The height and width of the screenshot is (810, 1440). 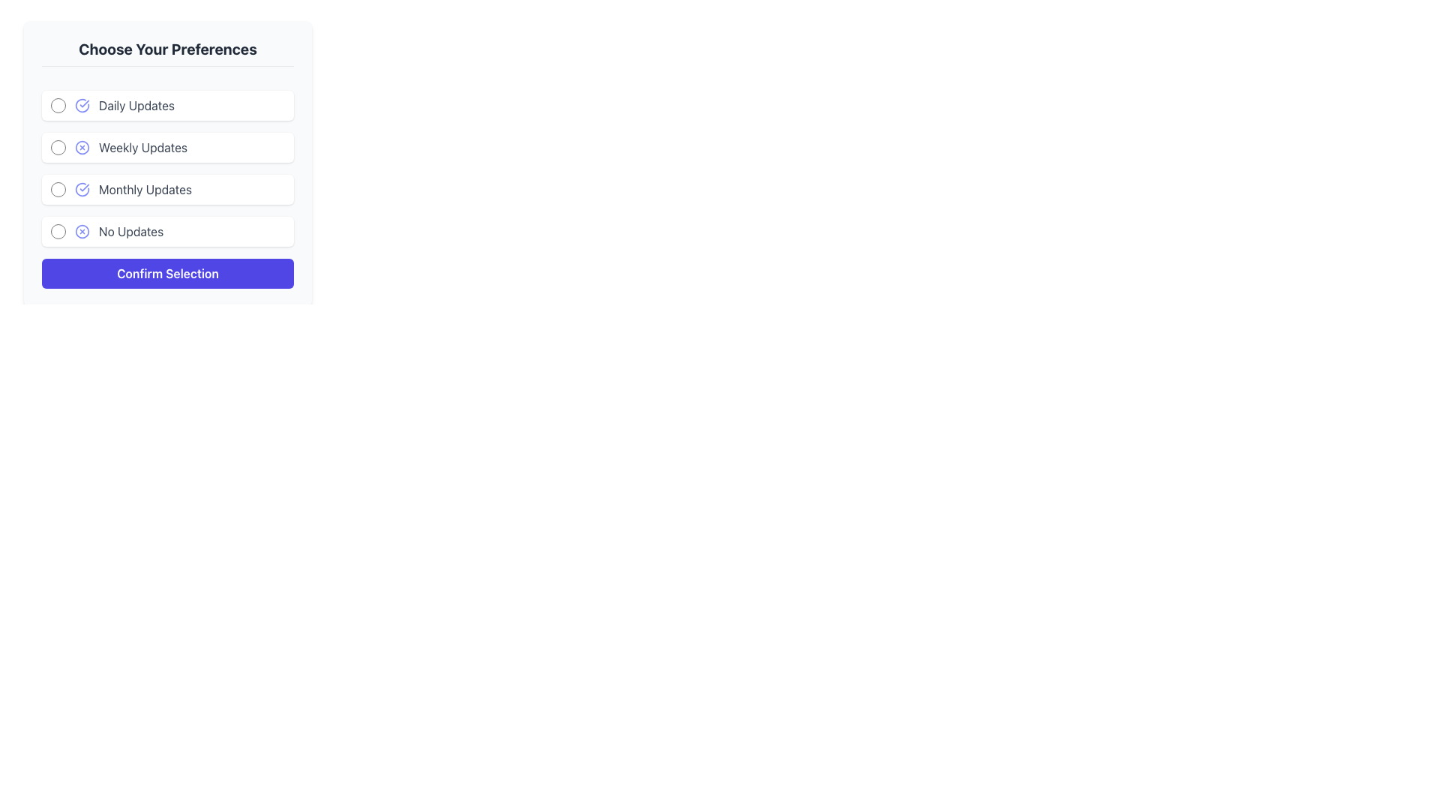 What do you see at coordinates (58, 231) in the screenshot?
I see `the fourth radio button labeled 'No Updates'` at bounding box center [58, 231].